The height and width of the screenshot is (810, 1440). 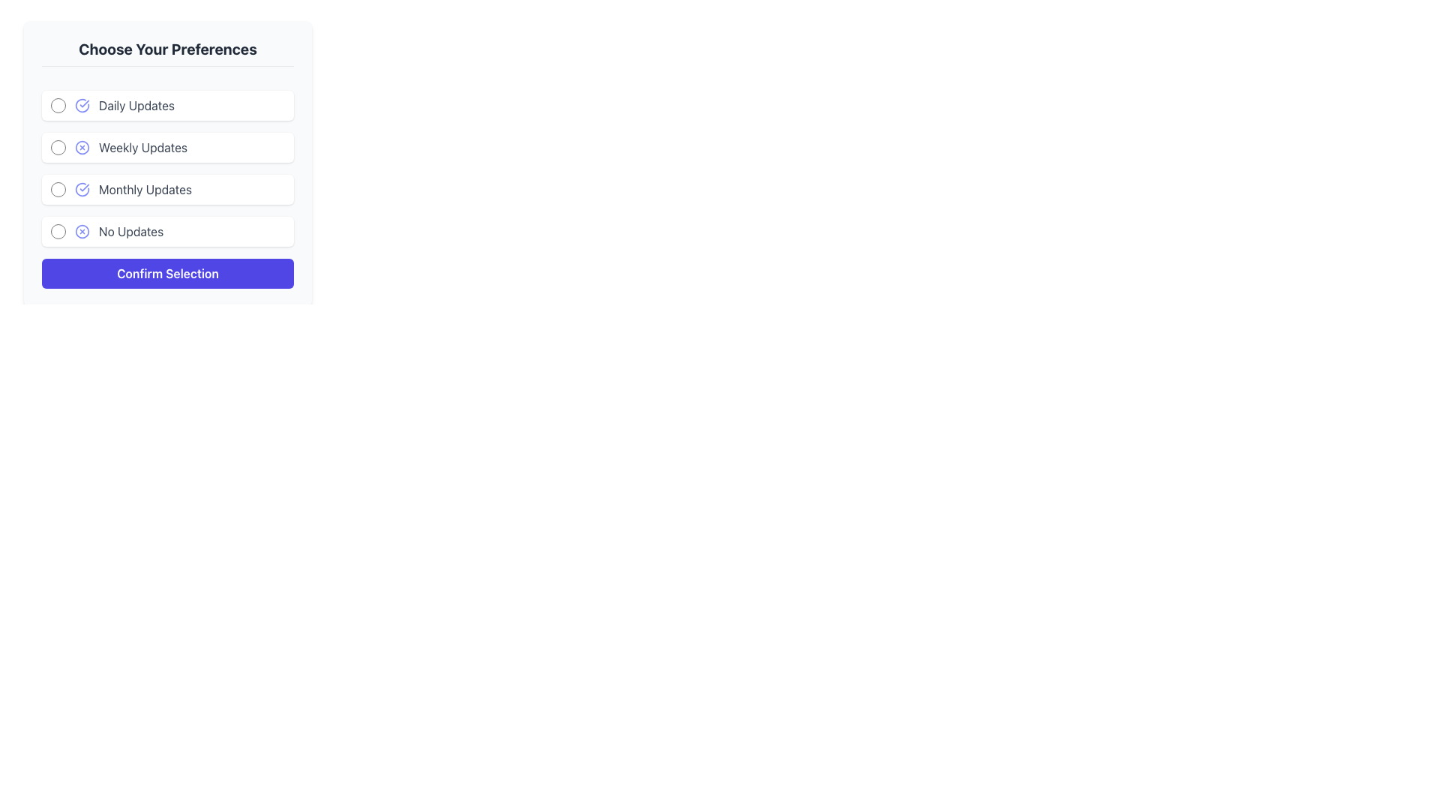 What do you see at coordinates (58, 231) in the screenshot?
I see `the fourth radio button labeled 'No Updates'` at bounding box center [58, 231].